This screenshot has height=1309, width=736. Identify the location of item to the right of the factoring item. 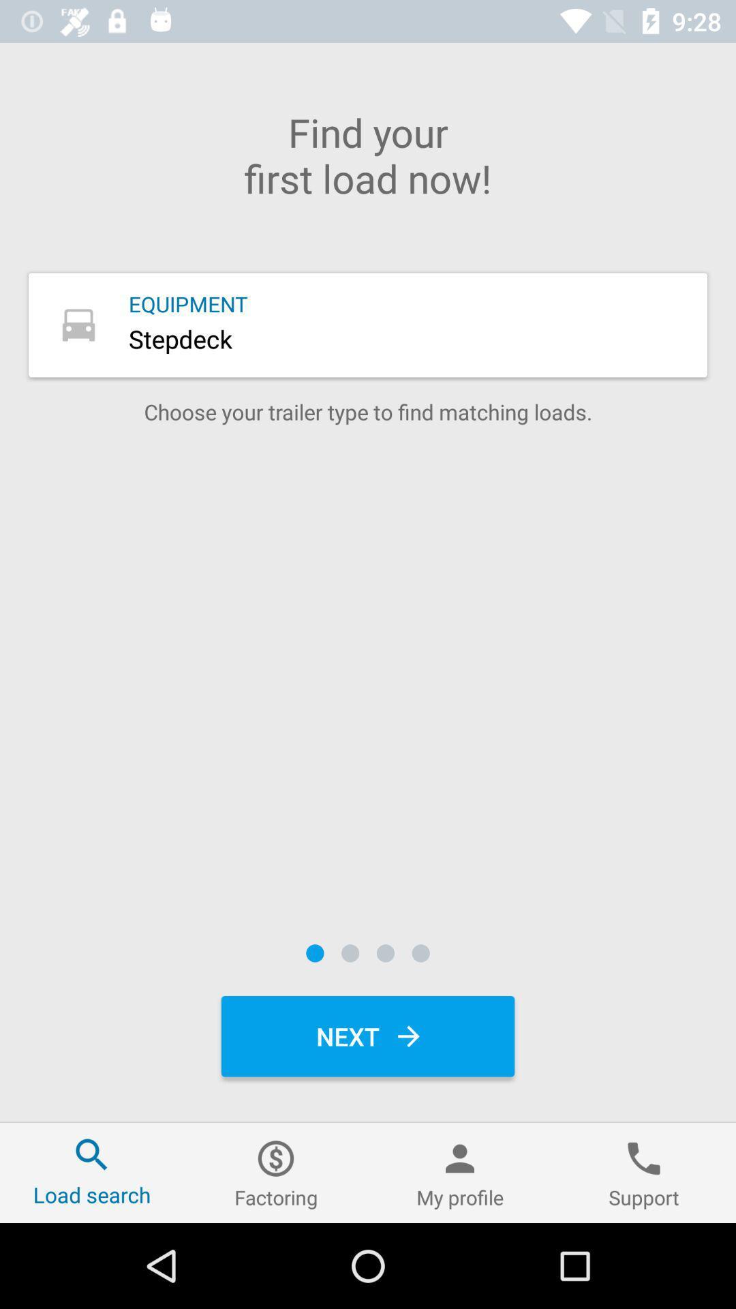
(460, 1172).